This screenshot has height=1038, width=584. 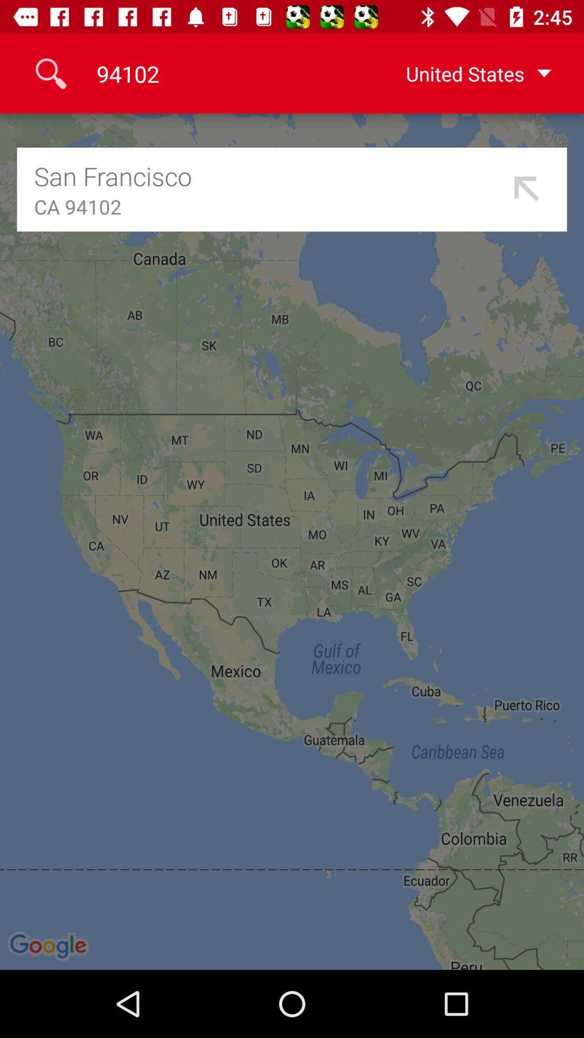 What do you see at coordinates (268, 207) in the screenshot?
I see `icon below san francisco icon` at bounding box center [268, 207].